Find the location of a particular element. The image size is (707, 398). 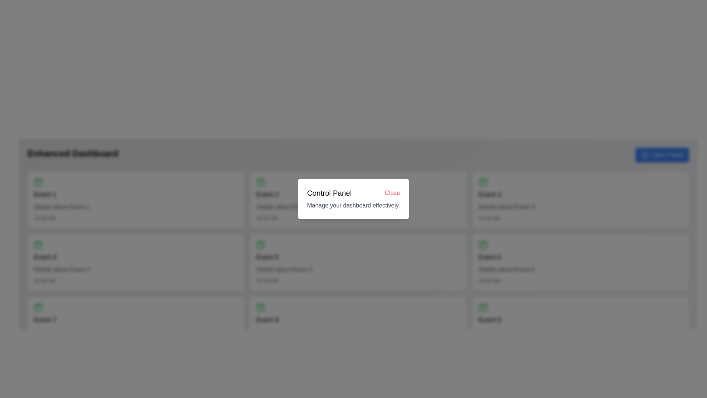

the fourth event card in the grid layout, which is a static card displaying event details is located at coordinates (136, 262).